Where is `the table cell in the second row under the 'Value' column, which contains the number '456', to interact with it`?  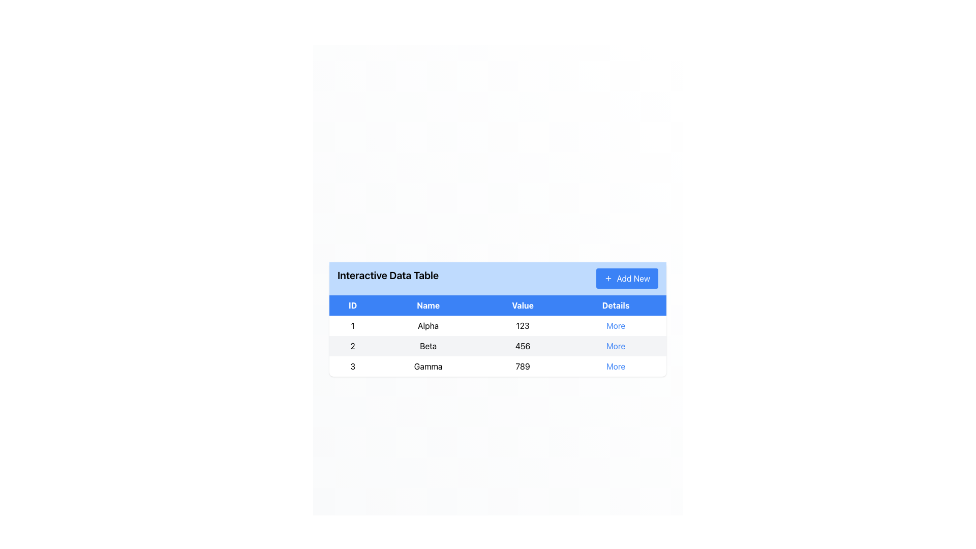 the table cell in the second row under the 'Value' column, which contains the number '456', to interact with it is located at coordinates (498, 345).